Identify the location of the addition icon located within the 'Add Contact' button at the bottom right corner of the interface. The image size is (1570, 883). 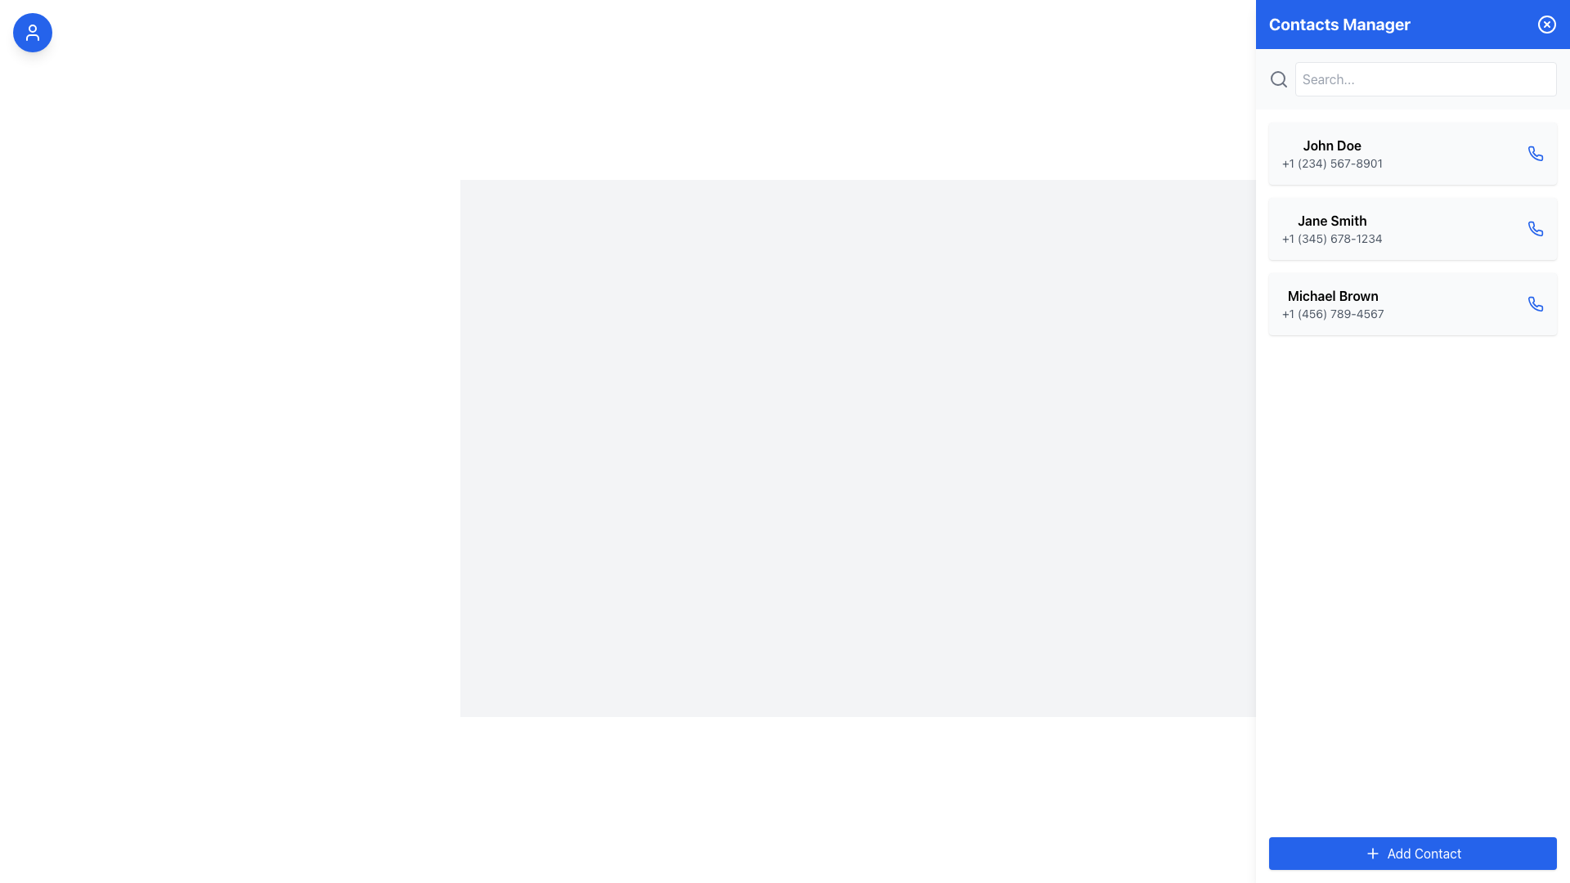
(1372, 853).